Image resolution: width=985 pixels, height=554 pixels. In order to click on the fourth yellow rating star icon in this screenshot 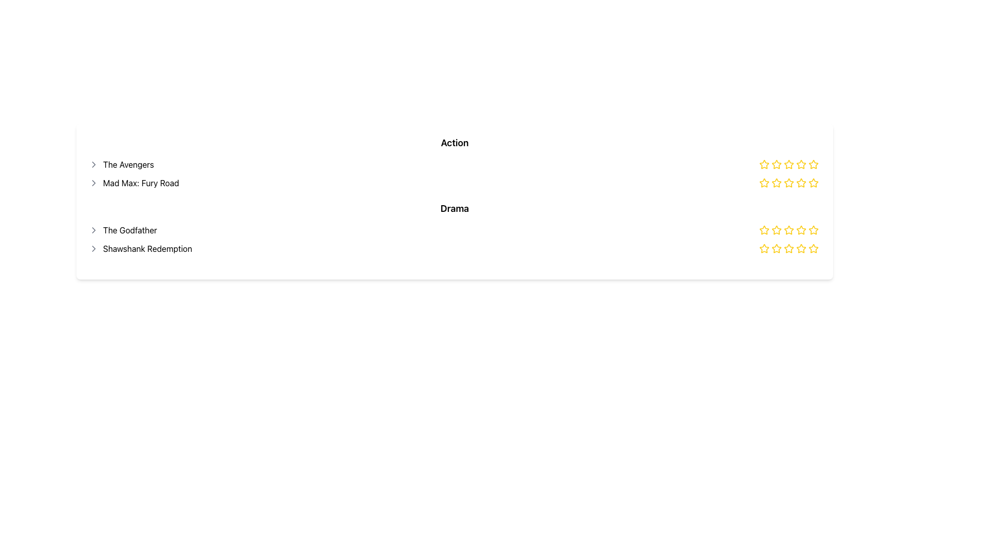, I will do `click(788, 183)`.